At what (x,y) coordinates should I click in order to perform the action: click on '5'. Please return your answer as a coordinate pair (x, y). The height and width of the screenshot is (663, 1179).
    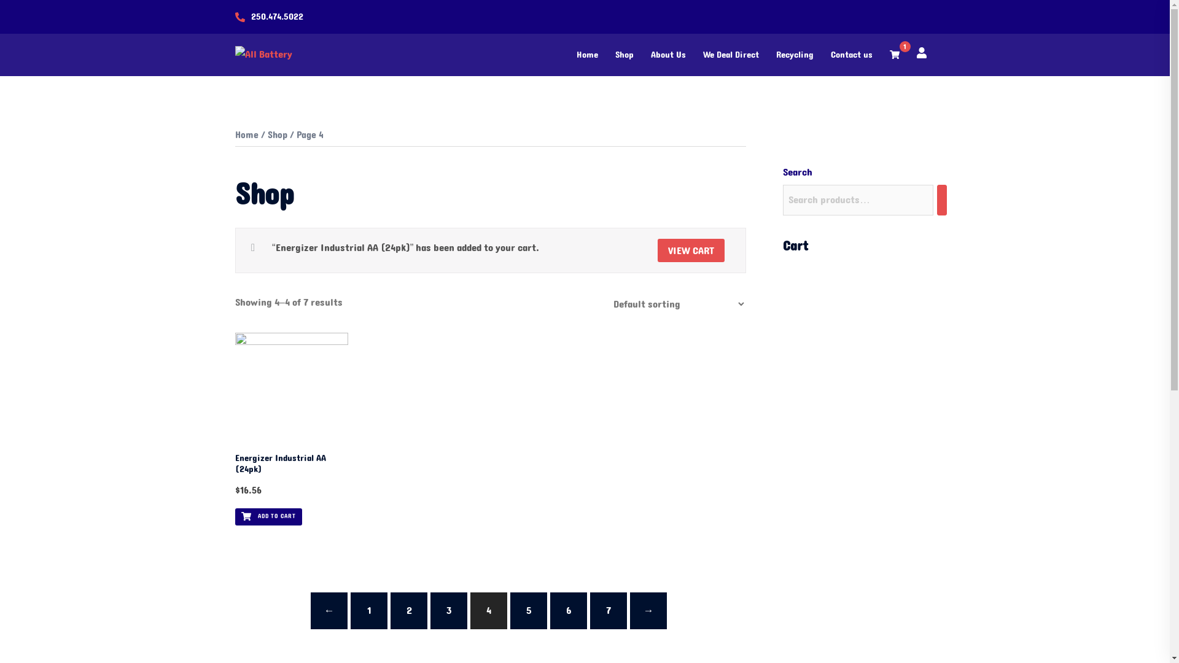
    Looking at the image, I should click on (528, 611).